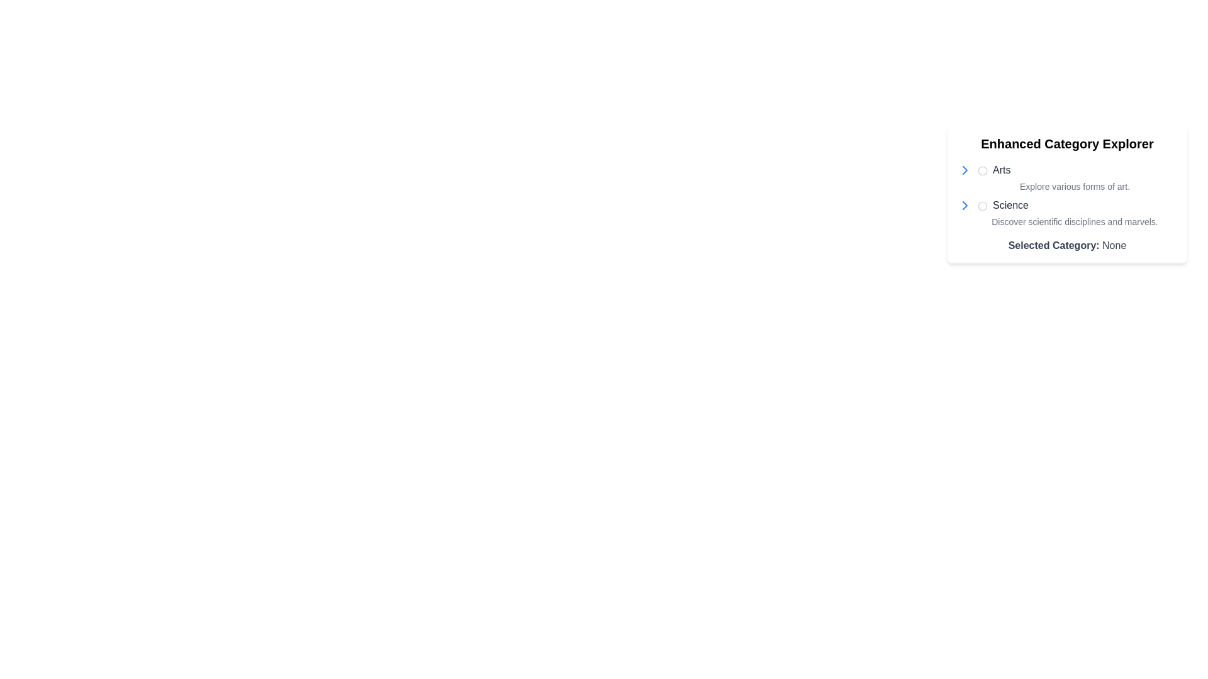 The image size is (1208, 679). What do you see at coordinates (993, 170) in the screenshot?
I see `the 'Arts' category label in the Enhanced Category Explorer modal` at bounding box center [993, 170].